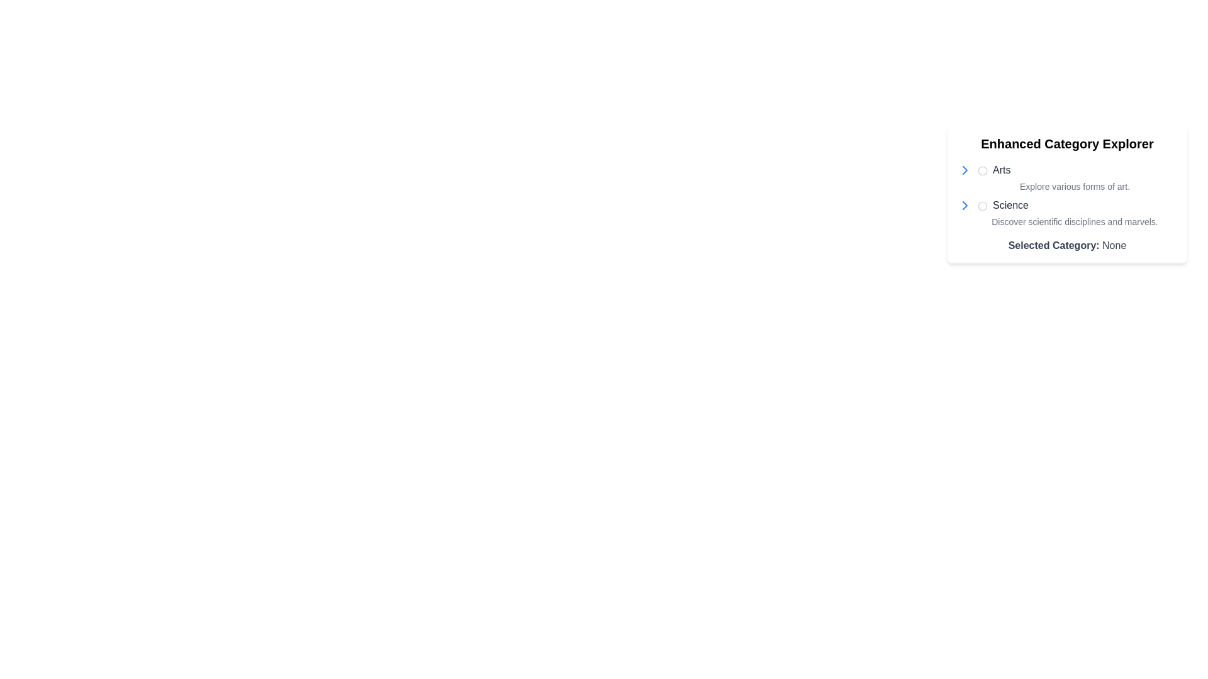 The image size is (1208, 679). What do you see at coordinates (993, 170) in the screenshot?
I see `the 'Arts' category label in the Enhanced Category Explorer modal` at bounding box center [993, 170].